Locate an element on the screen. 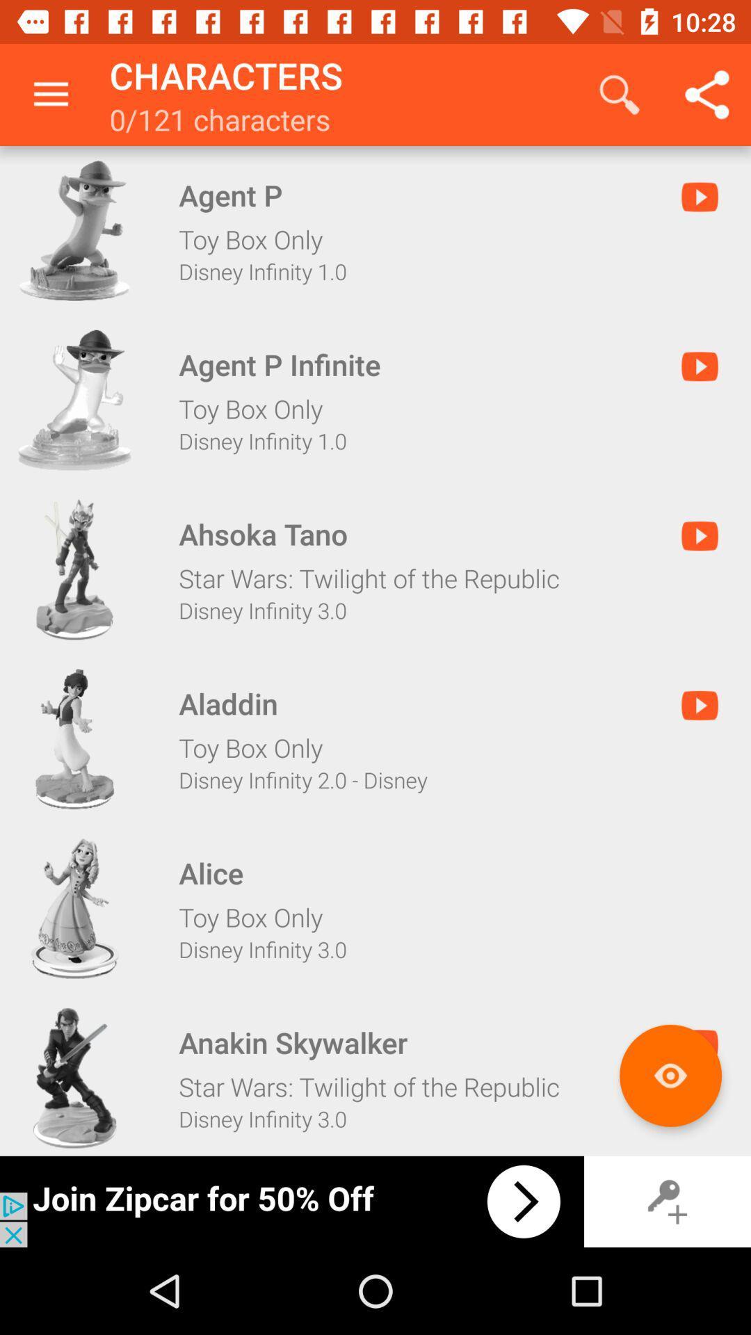  right of second option is located at coordinates (700, 366).